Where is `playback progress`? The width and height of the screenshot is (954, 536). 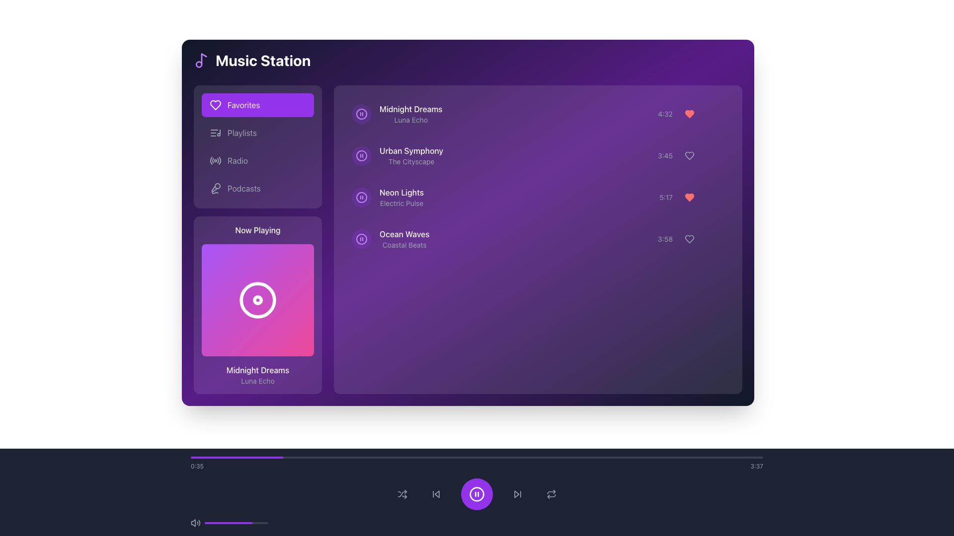 playback progress is located at coordinates (225, 457).